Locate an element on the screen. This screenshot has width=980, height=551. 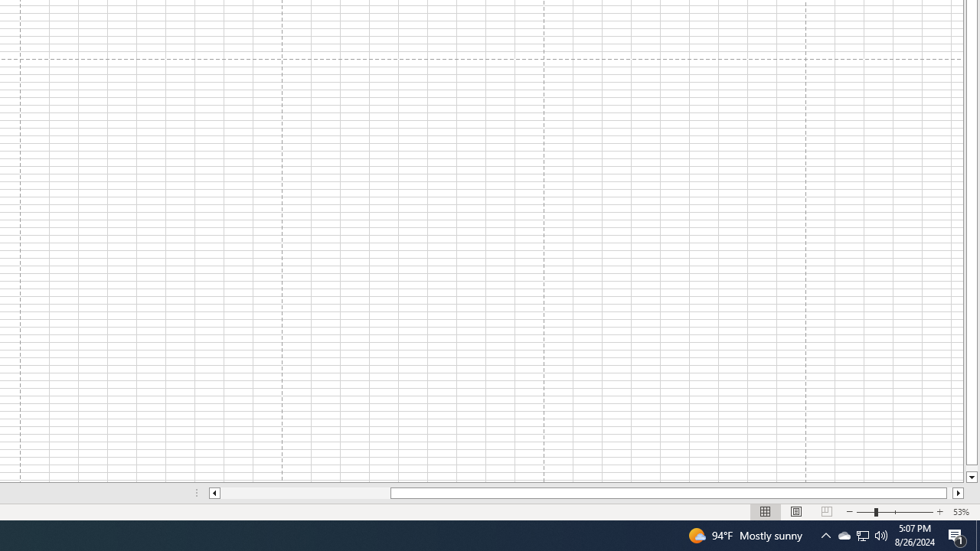
'Column right' is located at coordinates (958, 493).